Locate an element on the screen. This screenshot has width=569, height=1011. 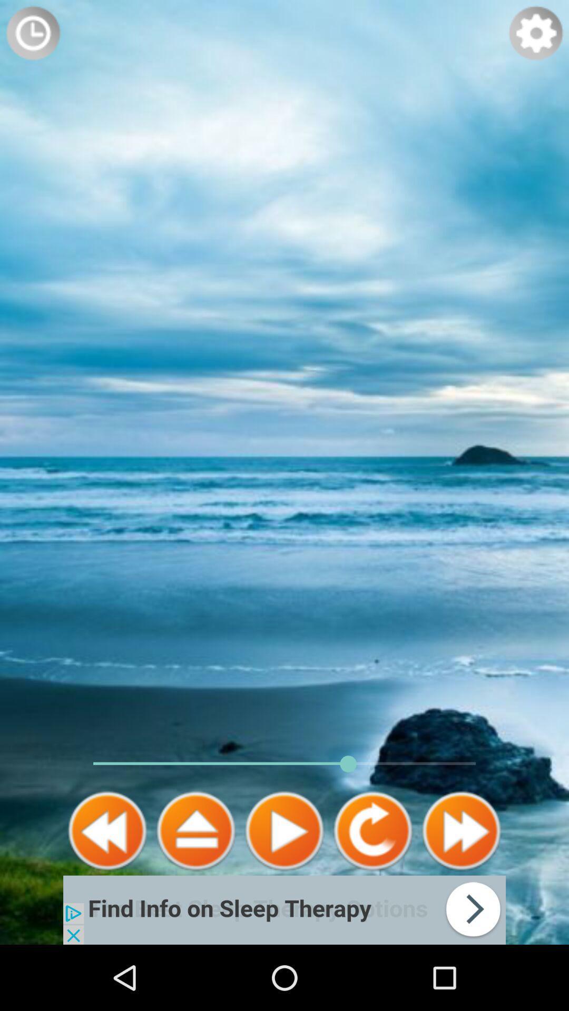
rewind option is located at coordinates (195, 830).